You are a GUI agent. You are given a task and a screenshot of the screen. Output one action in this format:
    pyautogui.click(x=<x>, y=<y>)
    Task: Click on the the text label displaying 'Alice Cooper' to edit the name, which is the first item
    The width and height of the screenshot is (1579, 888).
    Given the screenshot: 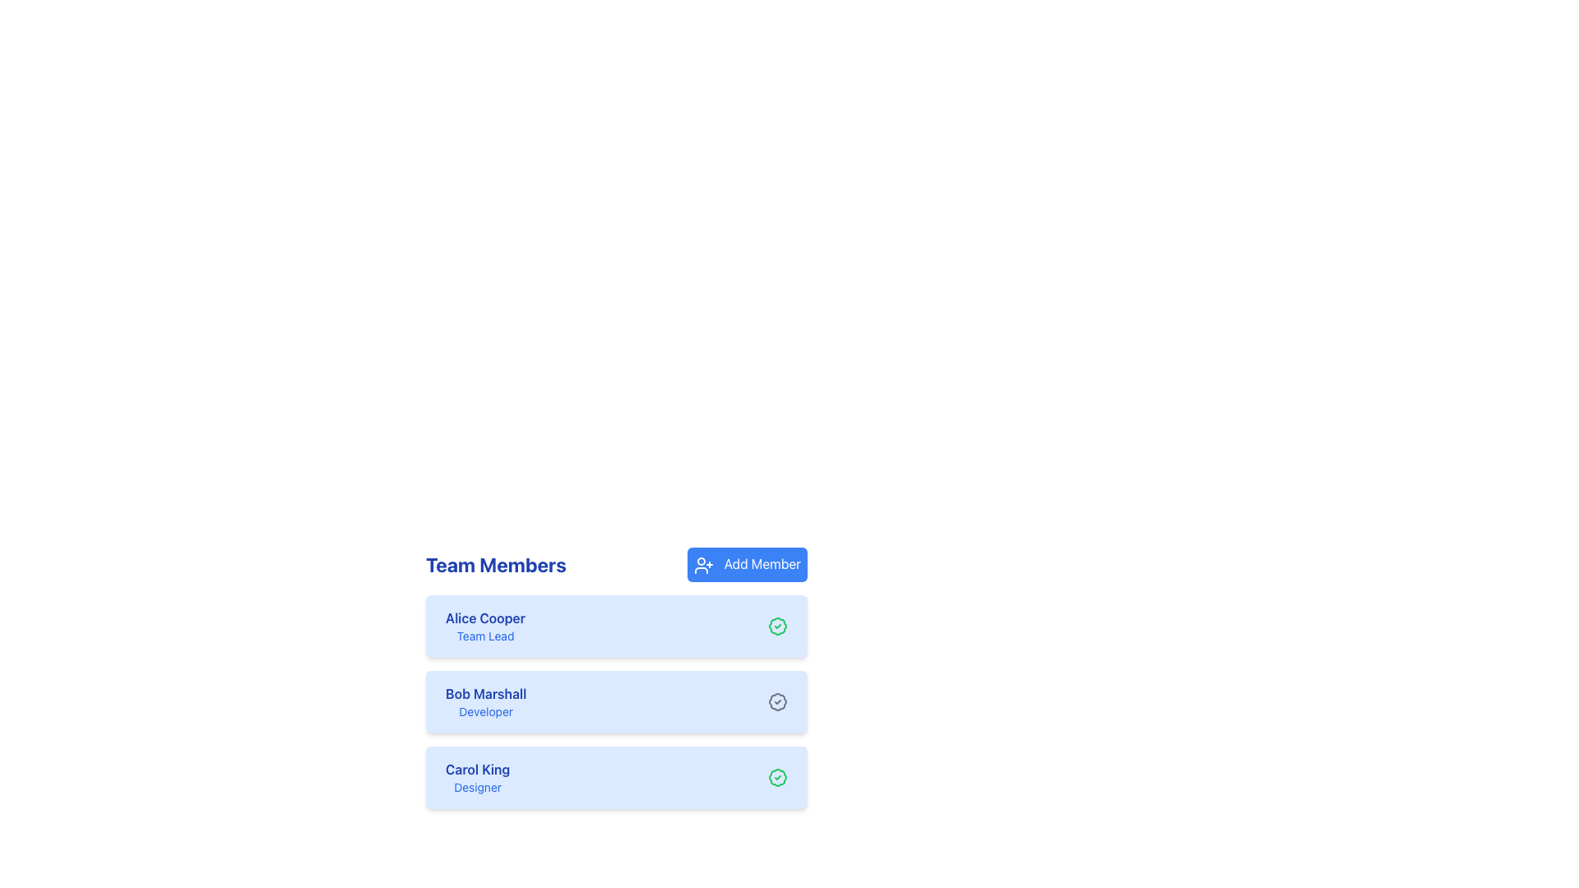 What is the action you would take?
    pyautogui.click(x=484, y=617)
    